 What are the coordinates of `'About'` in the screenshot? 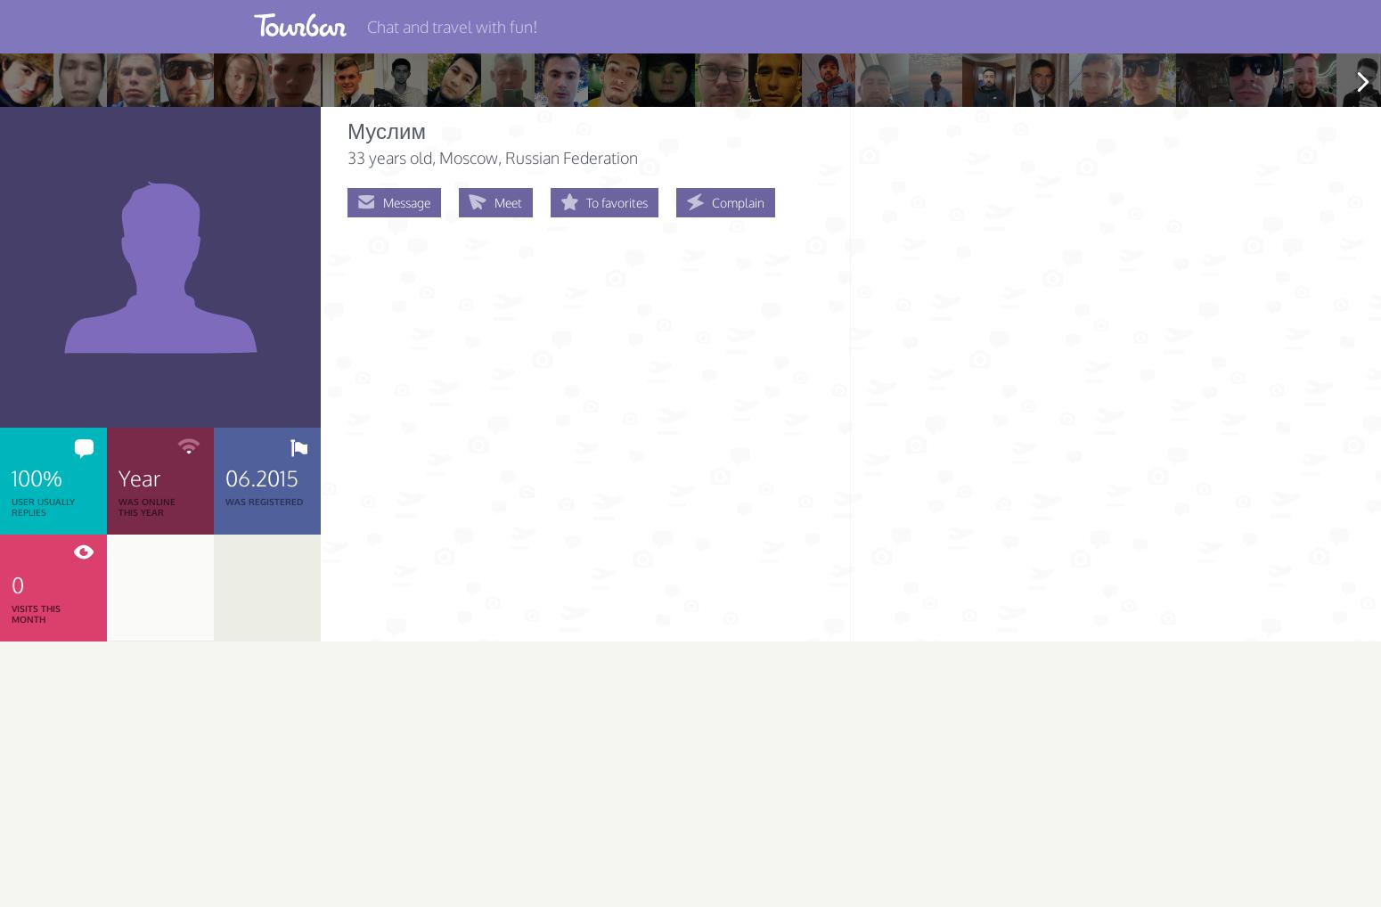 It's located at (16, 228).